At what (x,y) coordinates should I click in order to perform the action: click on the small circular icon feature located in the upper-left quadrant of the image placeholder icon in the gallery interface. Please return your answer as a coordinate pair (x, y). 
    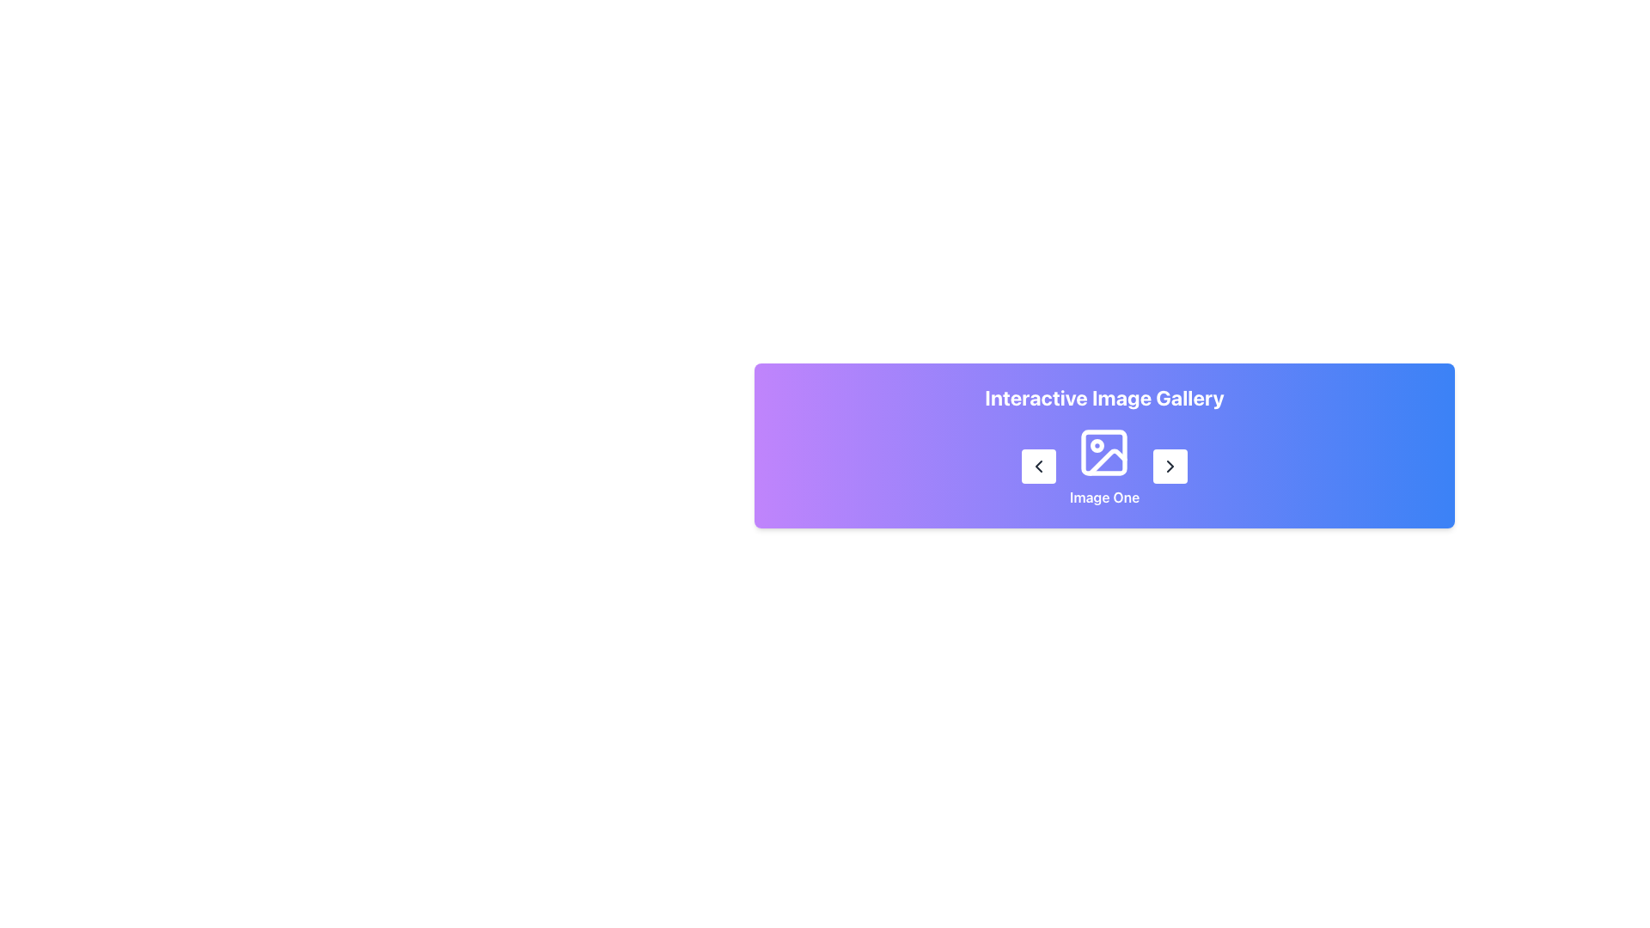
    Looking at the image, I should click on (1097, 445).